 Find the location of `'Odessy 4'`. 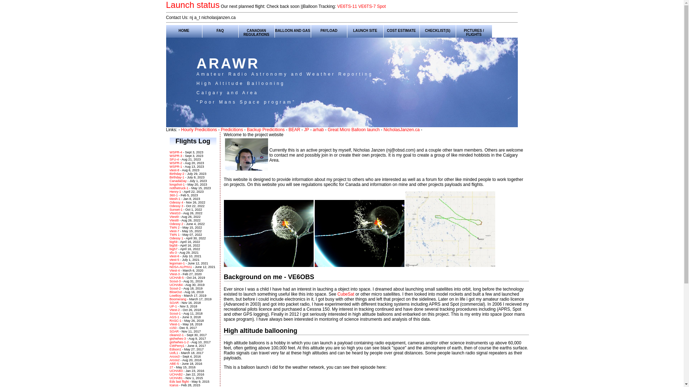

'Odessy 4' is located at coordinates (176, 202).